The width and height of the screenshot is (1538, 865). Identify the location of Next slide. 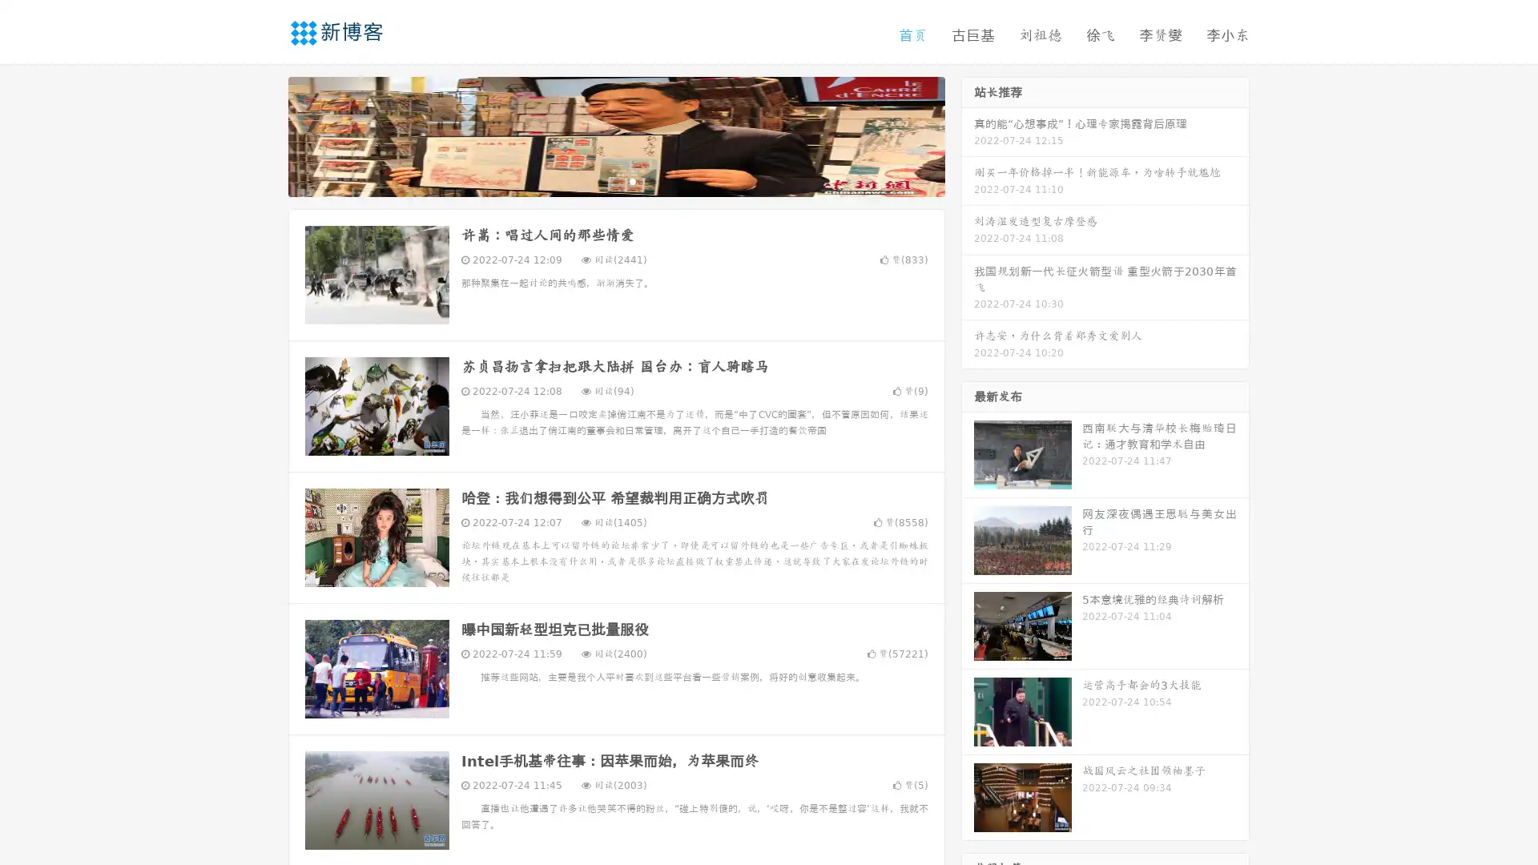
(968, 135).